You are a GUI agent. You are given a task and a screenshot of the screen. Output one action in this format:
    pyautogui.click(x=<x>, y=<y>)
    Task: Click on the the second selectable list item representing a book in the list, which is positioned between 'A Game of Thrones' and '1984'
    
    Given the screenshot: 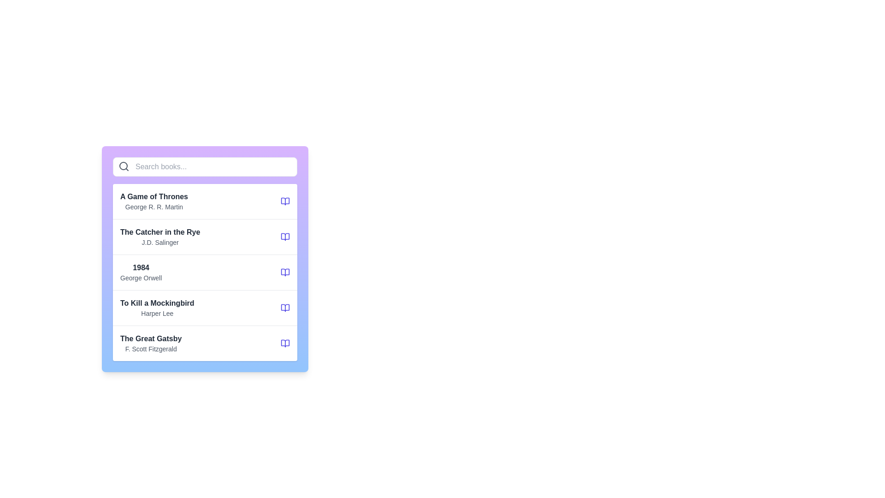 What is the action you would take?
    pyautogui.click(x=205, y=236)
    